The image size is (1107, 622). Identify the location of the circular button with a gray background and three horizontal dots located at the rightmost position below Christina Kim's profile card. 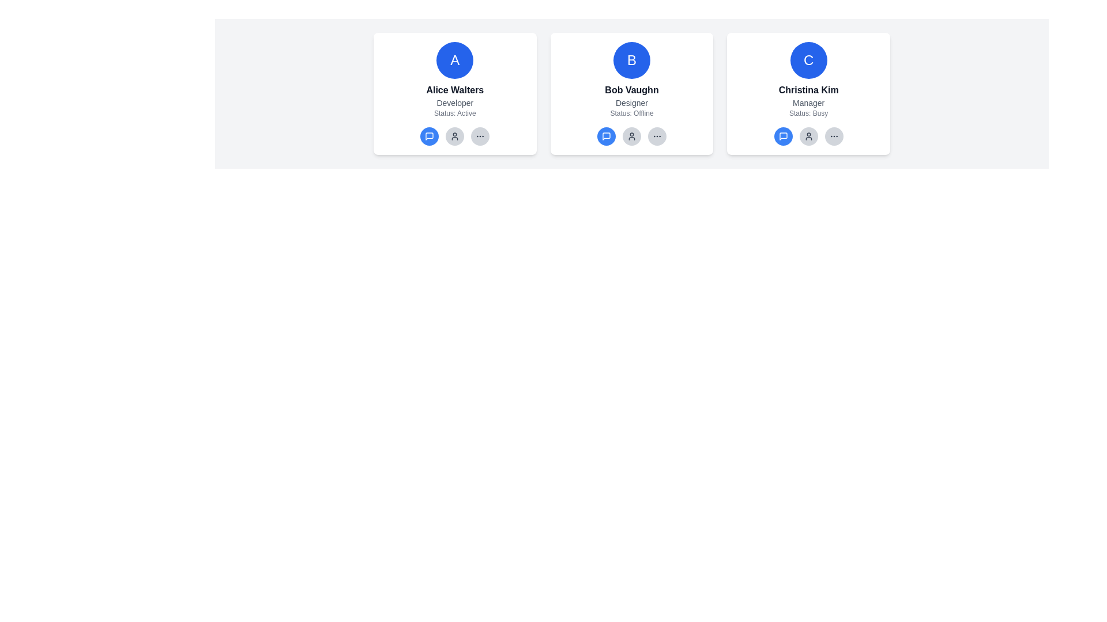
(834, 135).